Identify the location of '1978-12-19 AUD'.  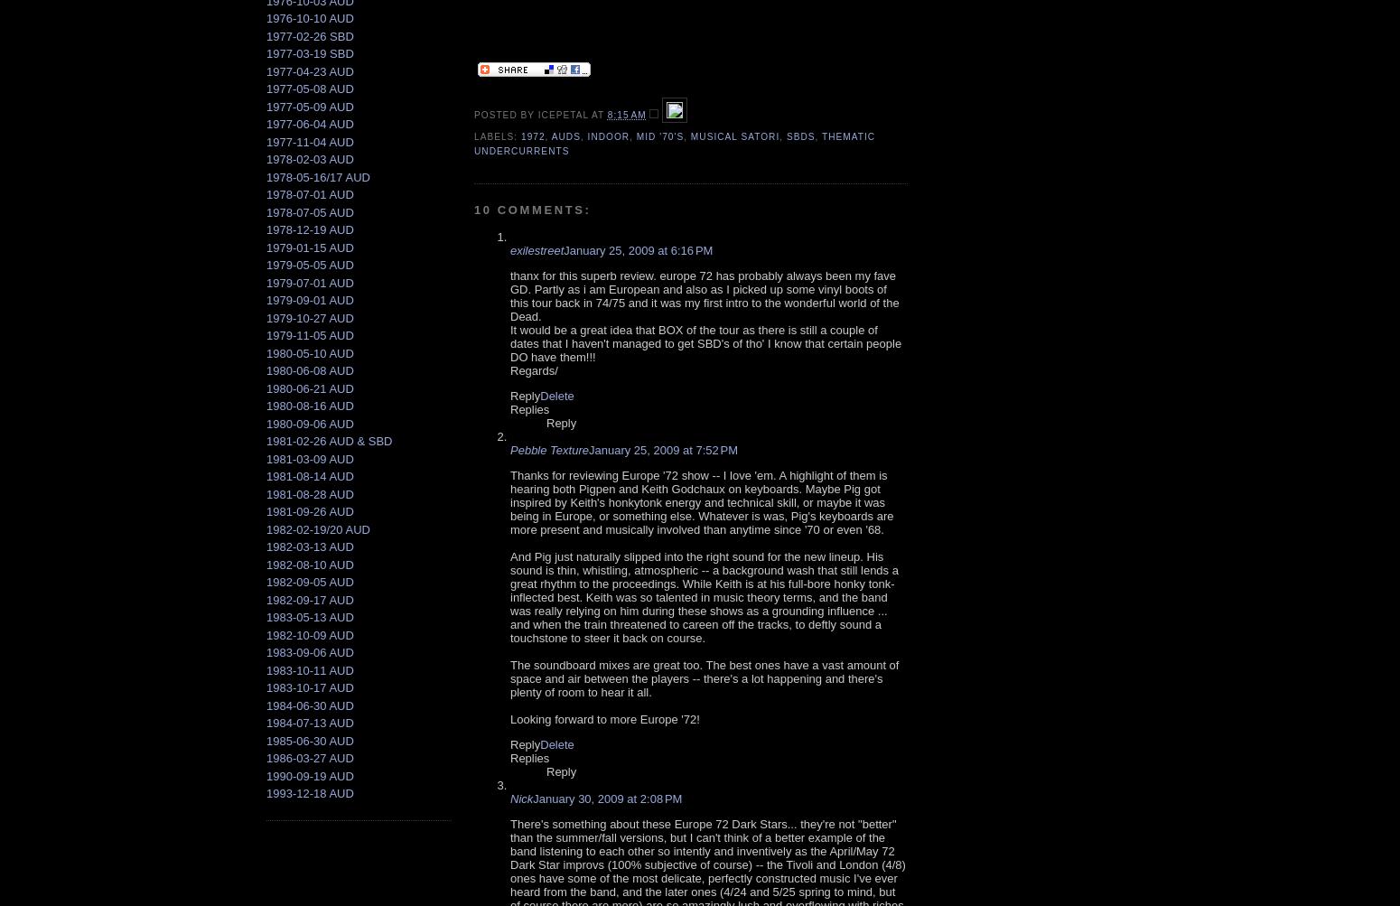
(309, 229).